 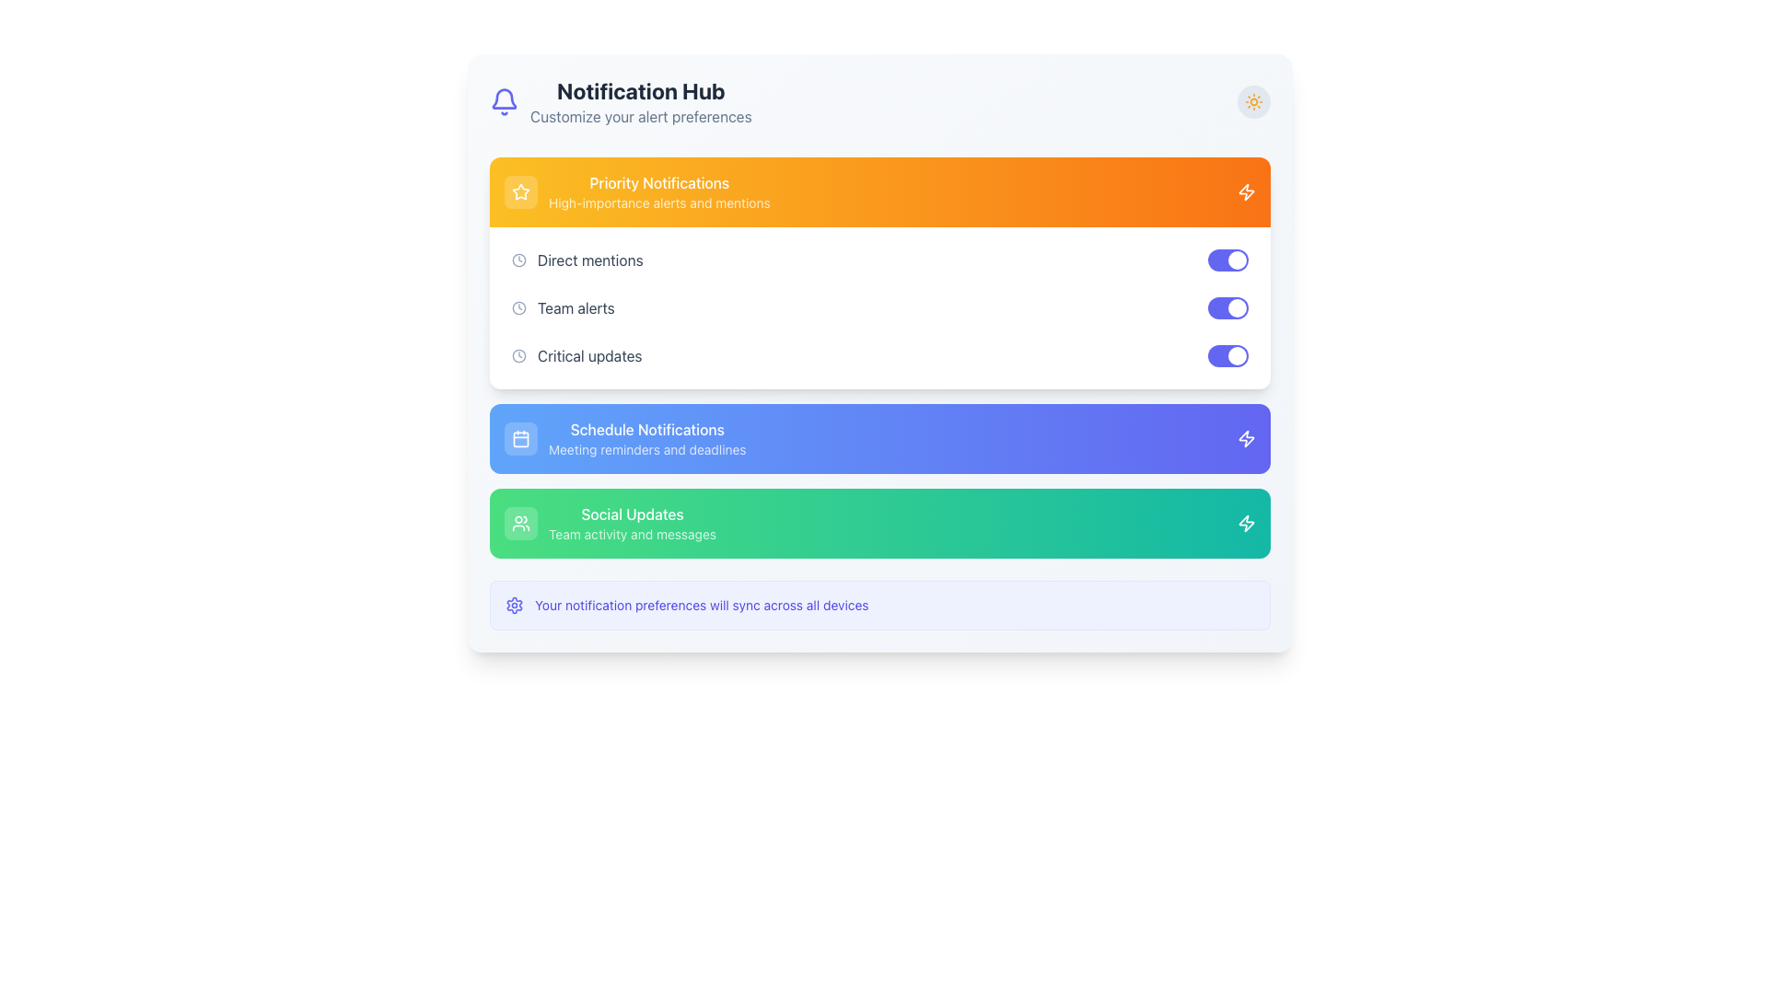 What do you see at coordinates (647, 450) in the screenshot?
I see `the text label component displaying 'Meeting reminders and deadlines', which is positioned below the main title 'Schedule Notifications' within the blue notification card` at bounding box center [647, 450].